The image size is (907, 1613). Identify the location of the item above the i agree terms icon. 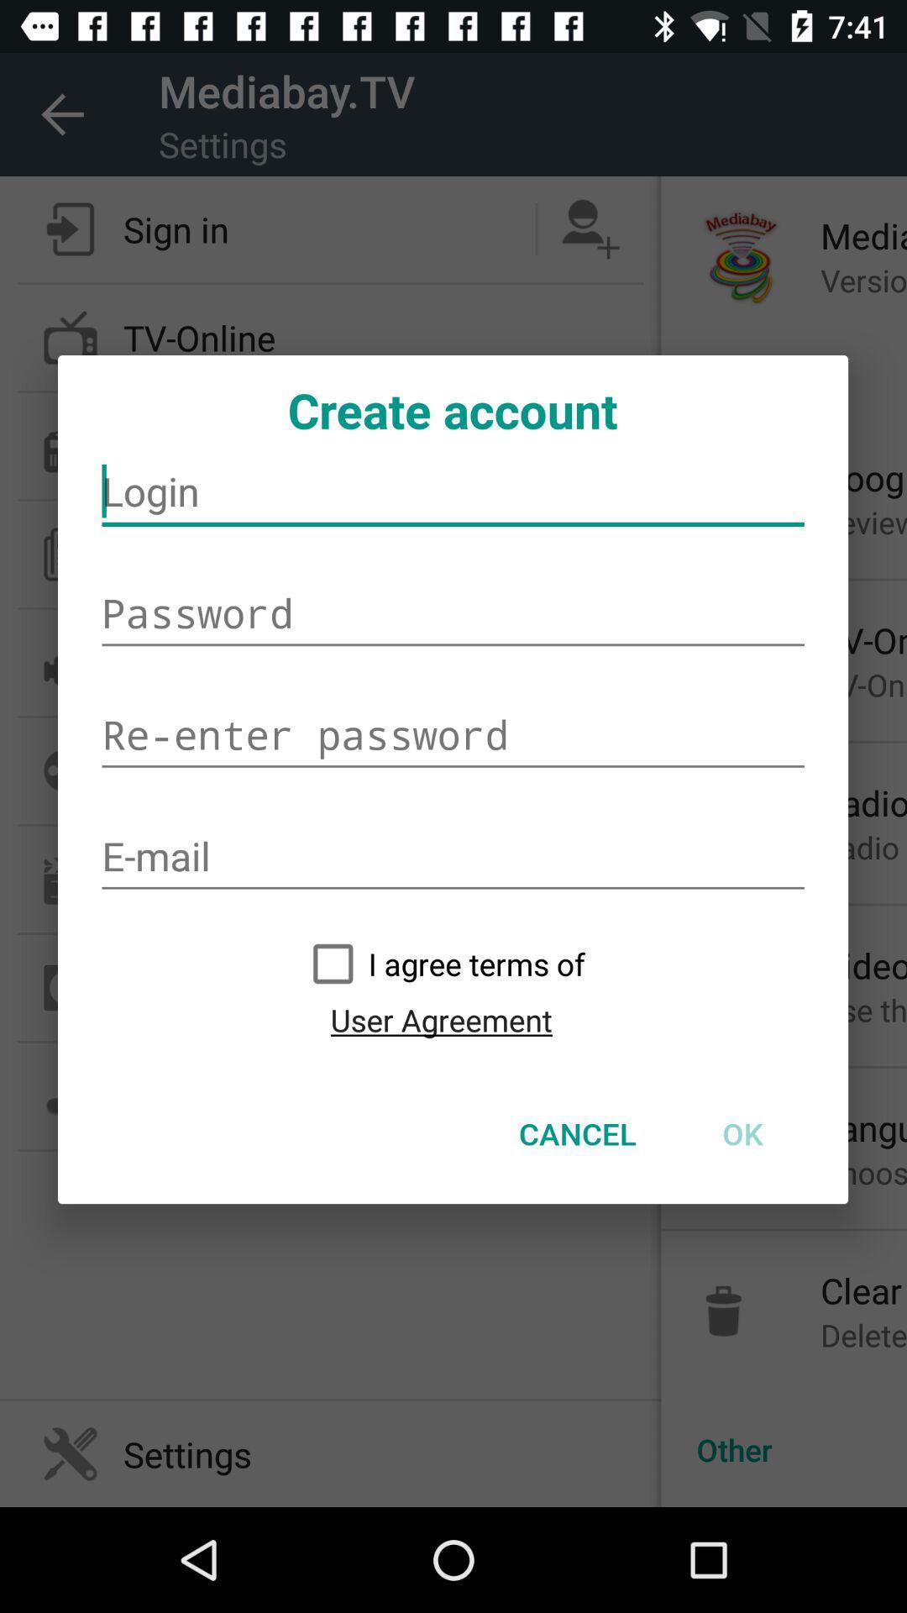
(452, 856).